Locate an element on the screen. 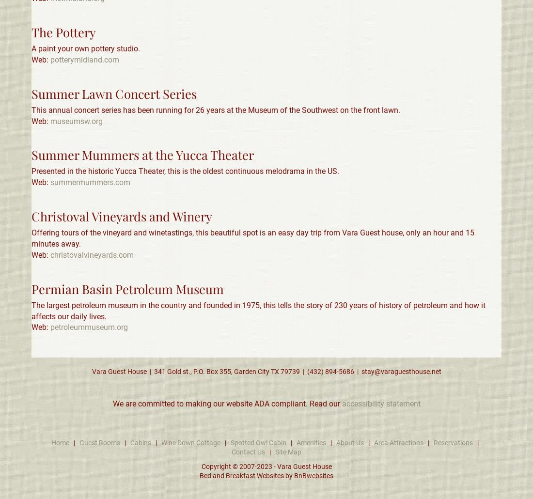  'Area Attractions' is located at coordinates (399, 442).